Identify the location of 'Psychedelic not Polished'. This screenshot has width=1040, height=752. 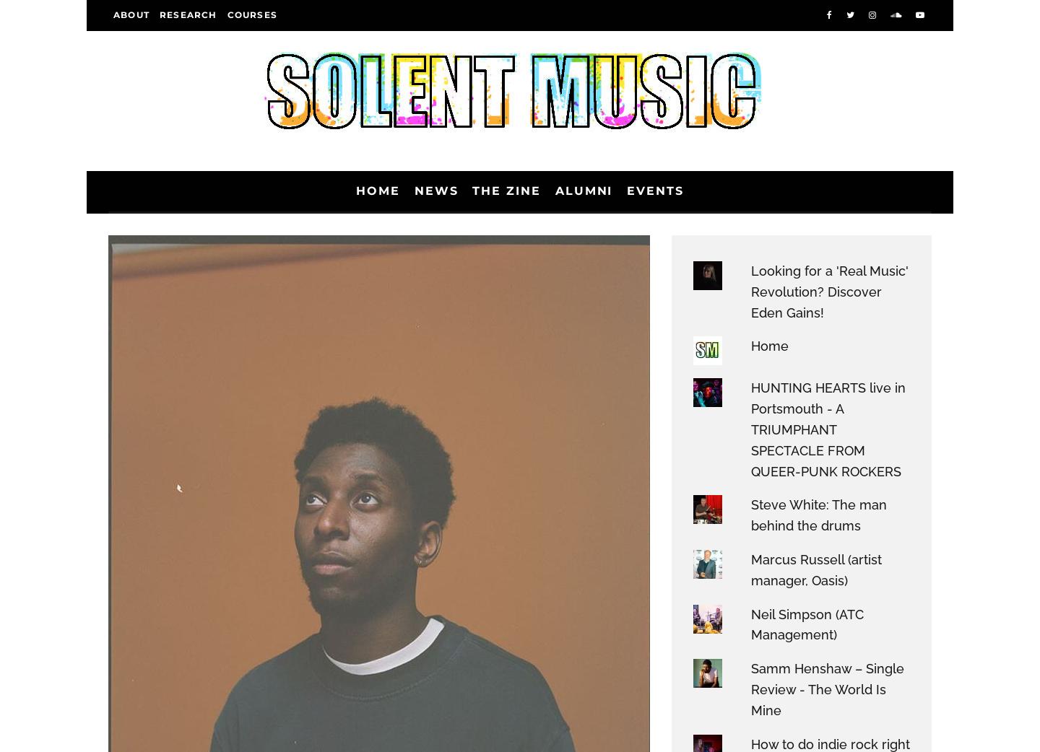
(256, 463).